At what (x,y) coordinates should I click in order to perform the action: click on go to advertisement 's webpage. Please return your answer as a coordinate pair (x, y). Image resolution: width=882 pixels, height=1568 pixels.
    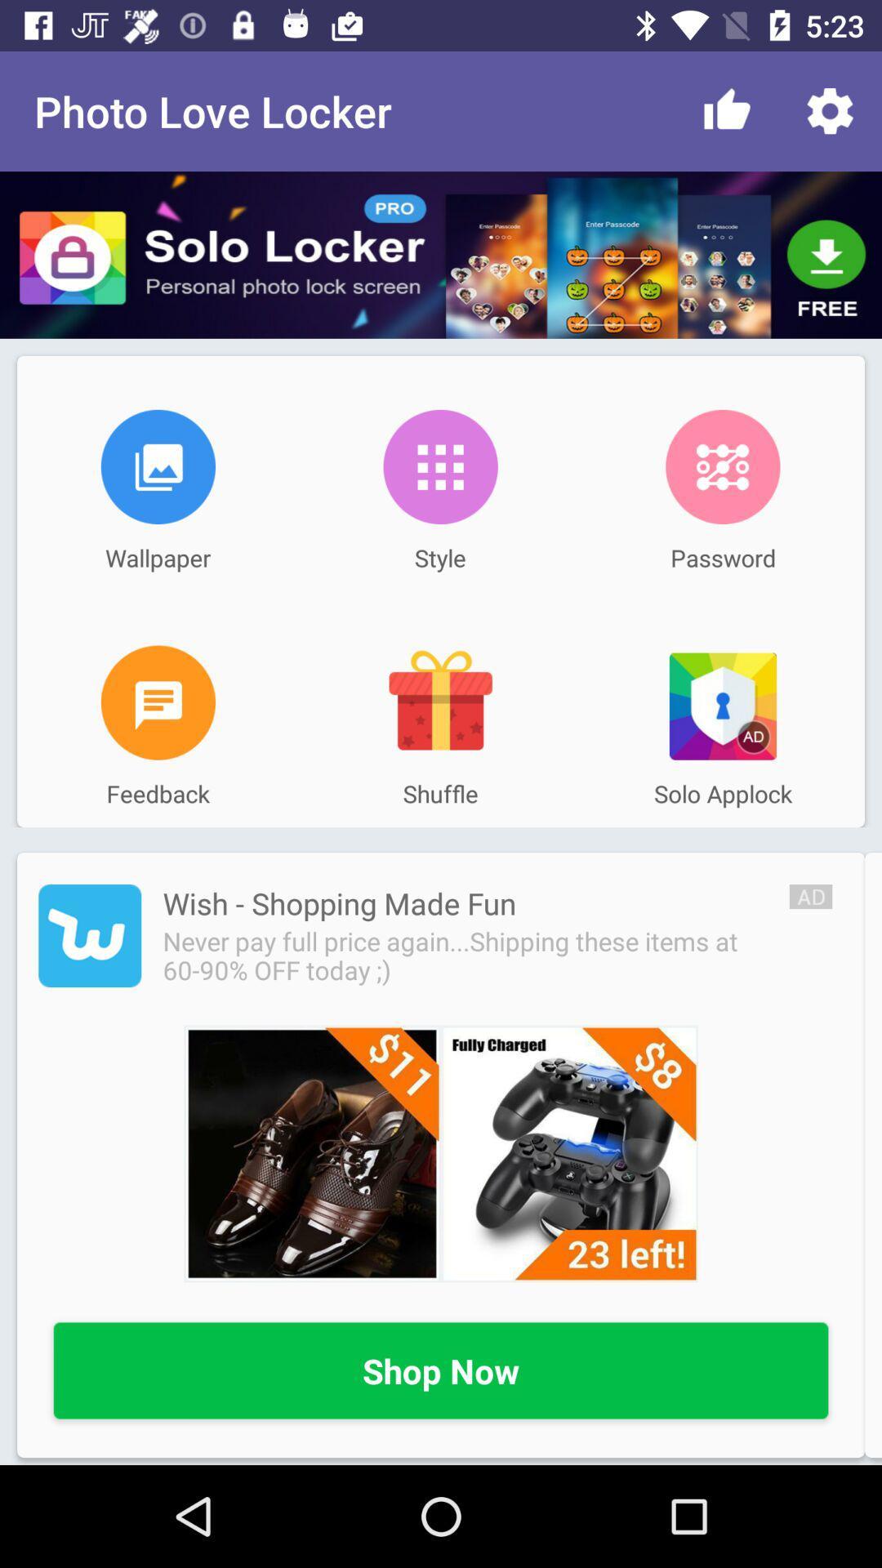
    Looking at the image, I should click on (90, 936).